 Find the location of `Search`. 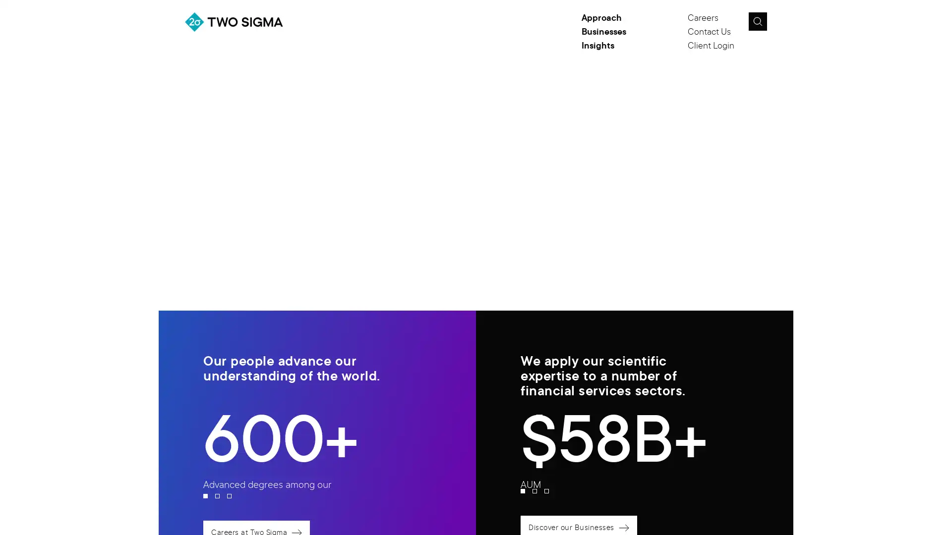

Search is located at coordinates (780, 24).